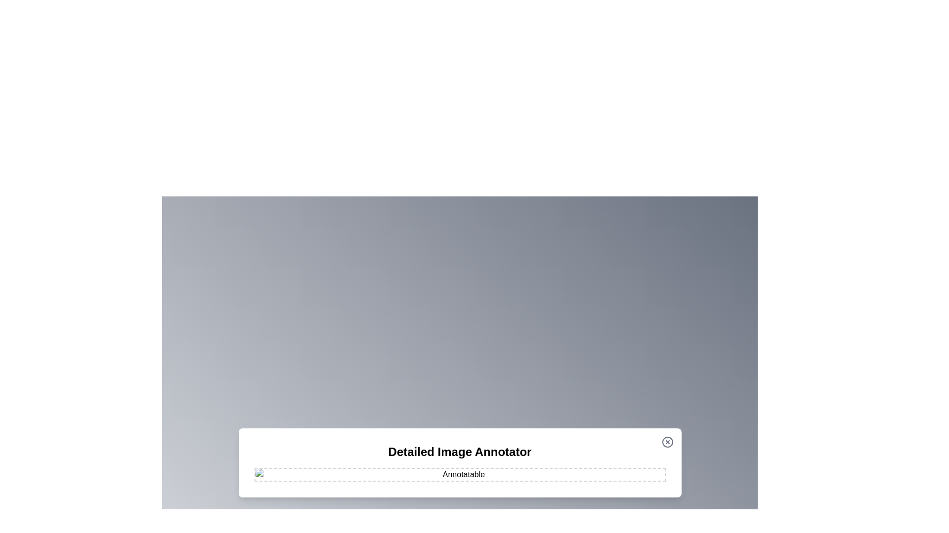 This screenshot has height=533, width=949. Describe the element at coordinates (302, 479) in the screenshot. I see `the image at coordinates (613, 973) to add an annotation` at that location.